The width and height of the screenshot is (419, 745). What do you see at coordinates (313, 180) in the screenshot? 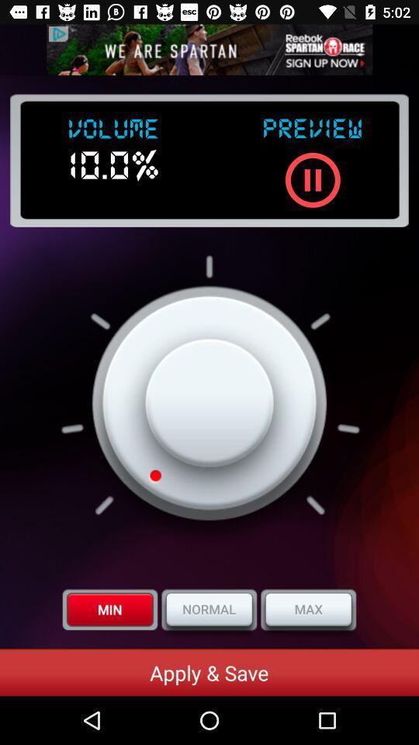
I see `pause` at bounding box center [313, 180].